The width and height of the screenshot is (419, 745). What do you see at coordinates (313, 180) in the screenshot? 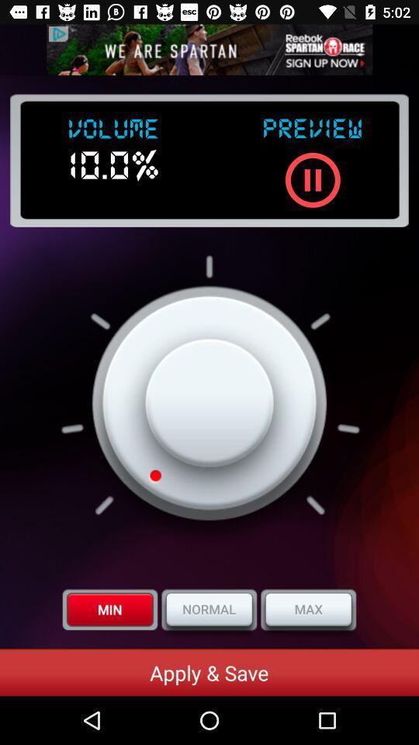
I see `pause` at bounding box center [313, 180].